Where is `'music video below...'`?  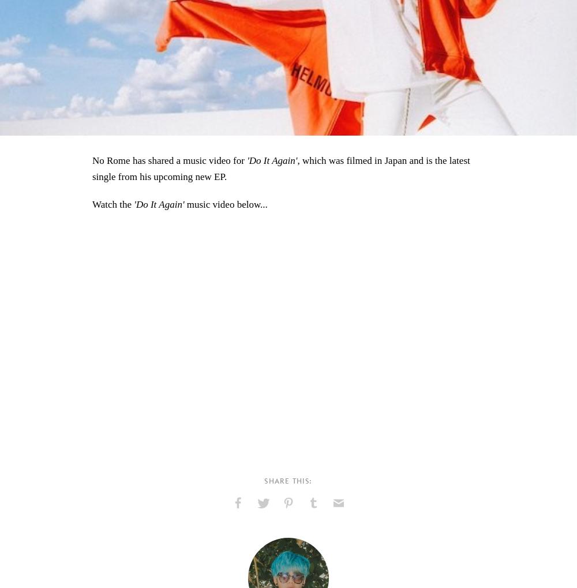
'music video below...' is located at coordinates (226, 204).